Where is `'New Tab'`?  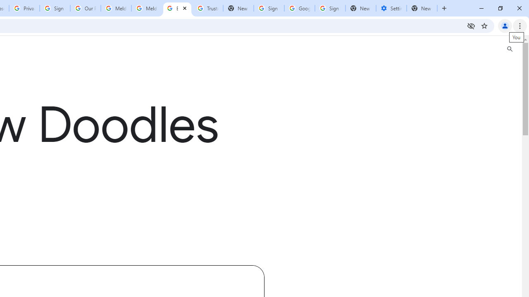 'New Tab' is located at coordinates (422, 8).